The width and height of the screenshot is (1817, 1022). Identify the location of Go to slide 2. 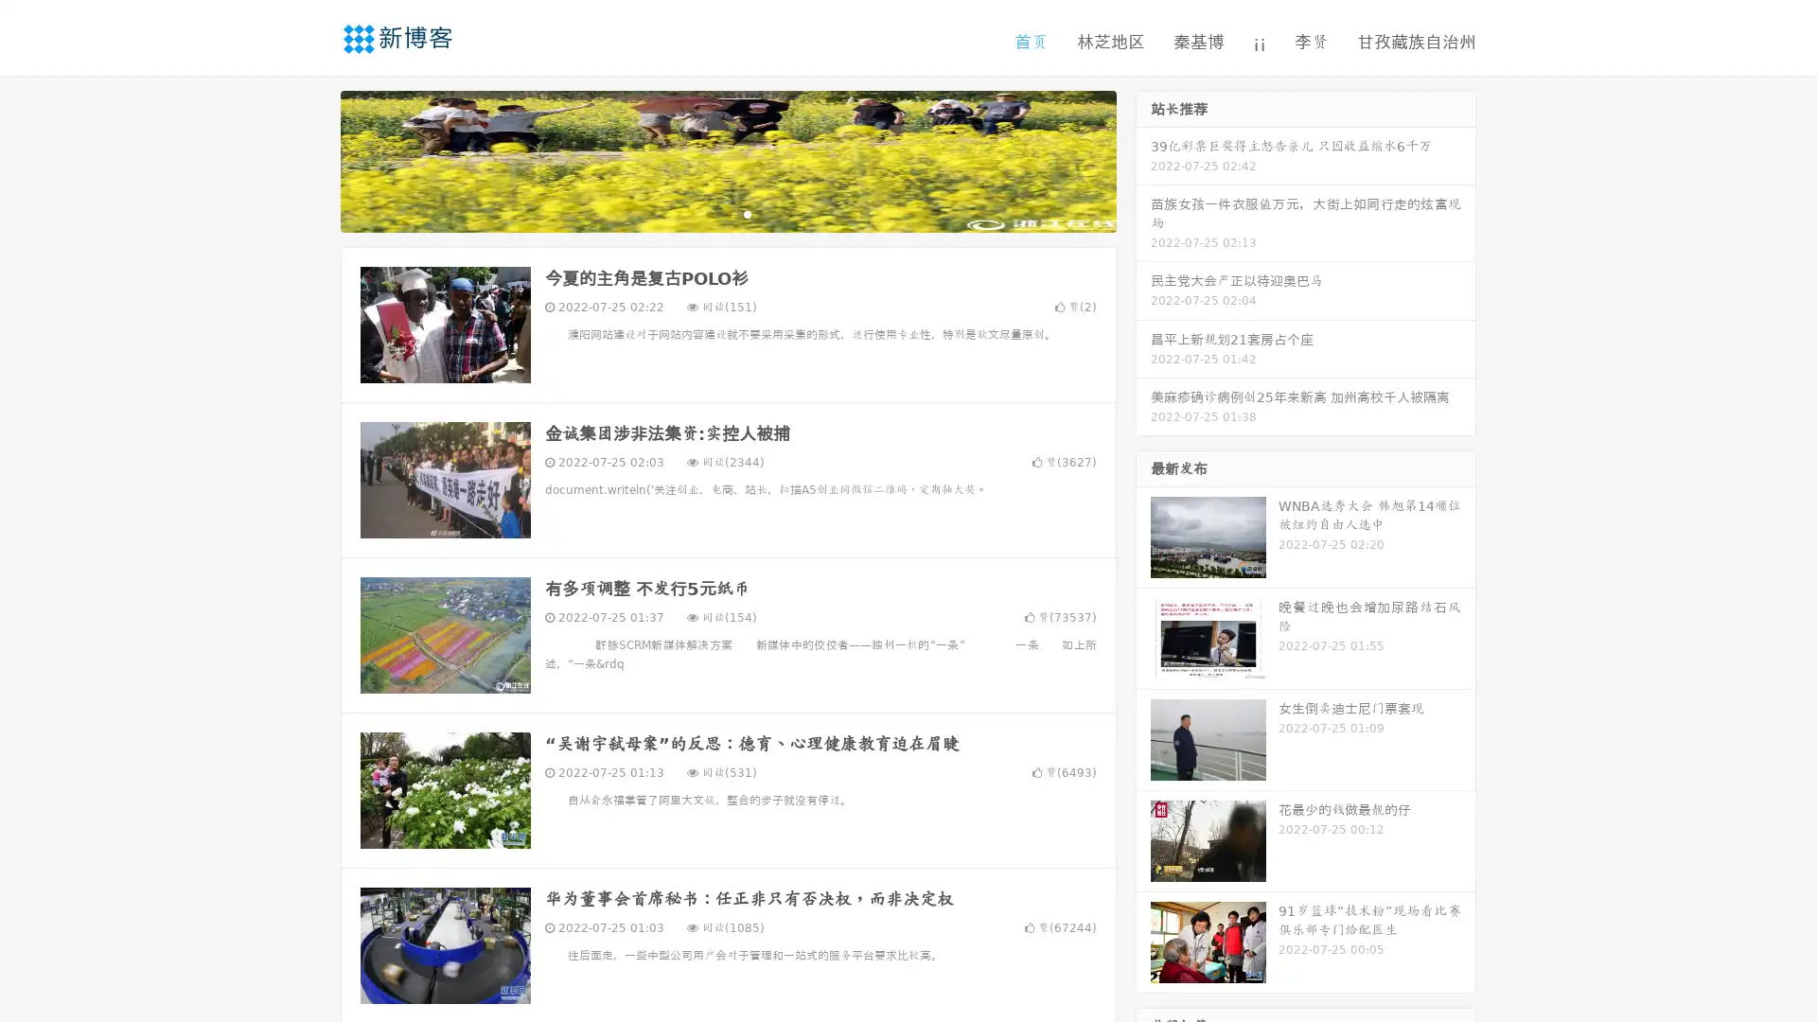
(727, 213).